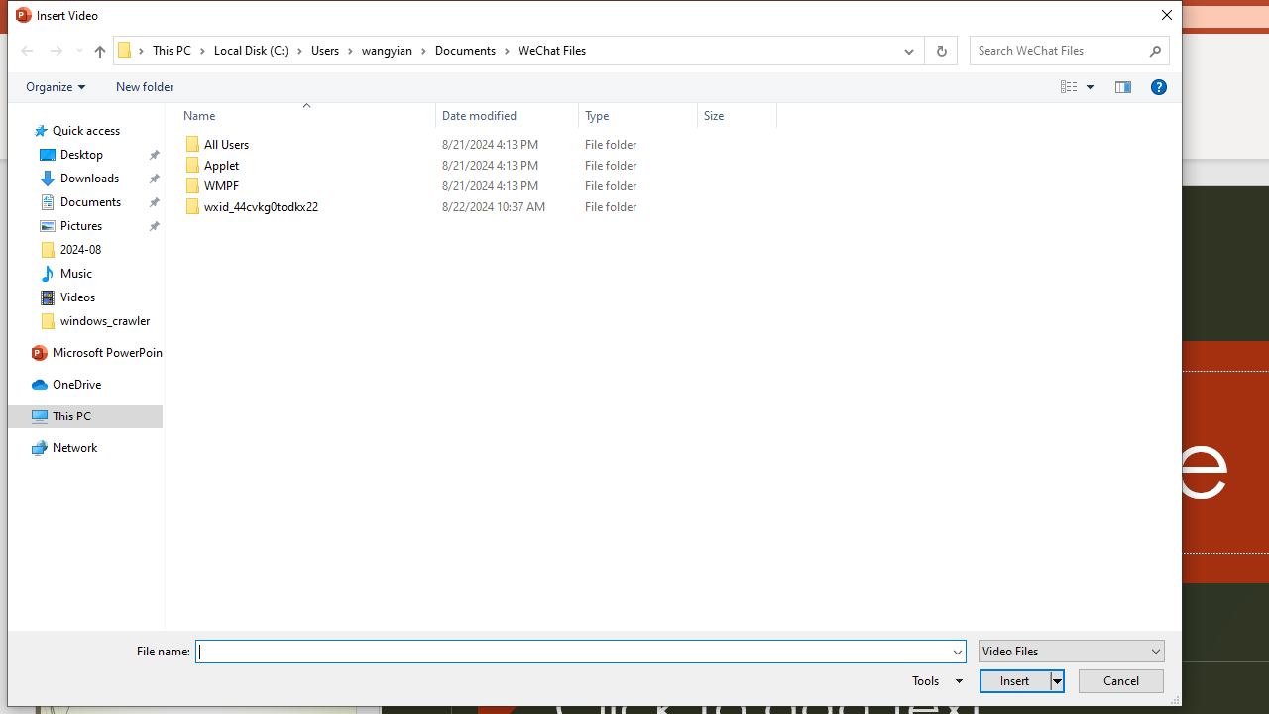 This screenshot has height=714, width=1269. What do you see at coordinates (508, 115) in the screenshot?
I see `'Date modified'` at bounding box center [508, 115].